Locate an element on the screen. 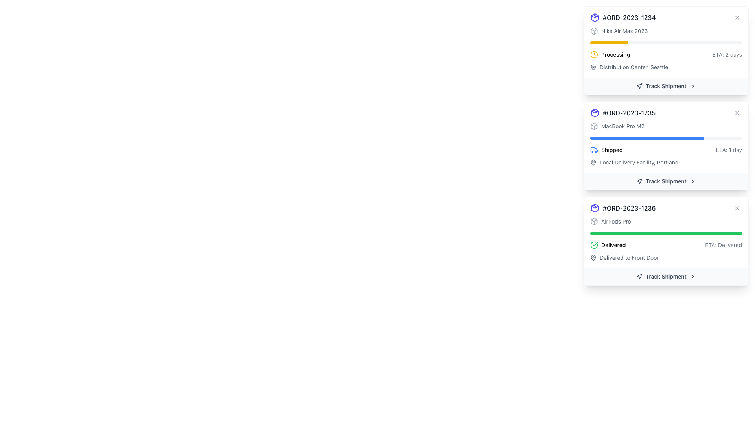 This screenshot has width=755, height=425. the triangular navigation pointer icon located in the right area of the interface is located at coordinates (639, 181).